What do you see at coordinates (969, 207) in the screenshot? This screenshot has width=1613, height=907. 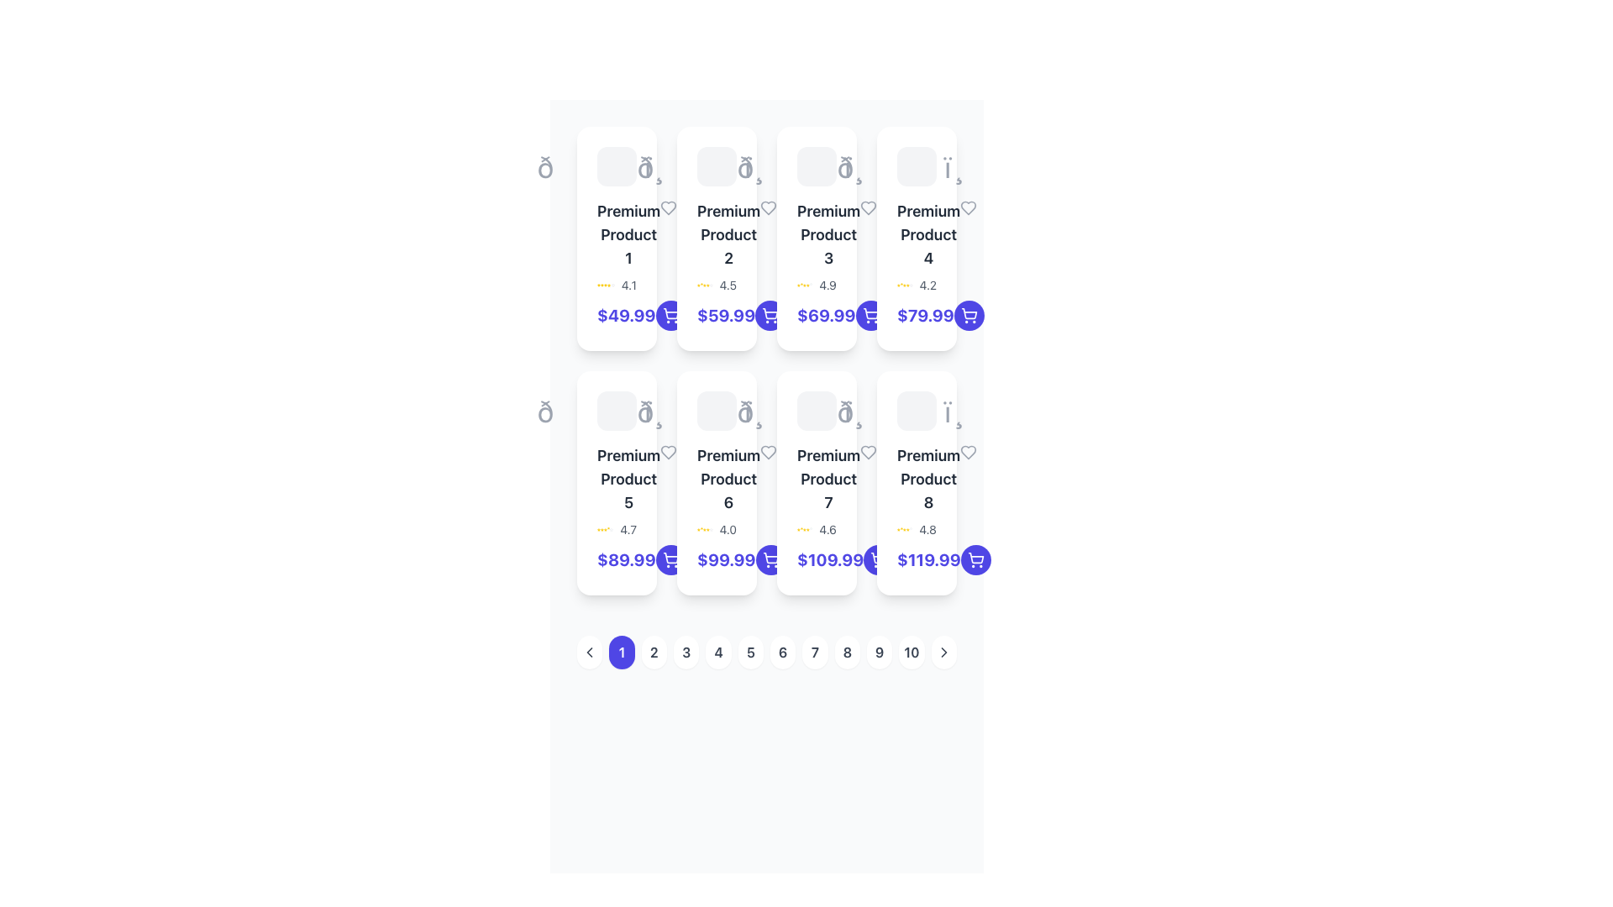 I see `the heart icon button located in the top-right corner of the 'Premium Product 4' card for accessibility navigation` at bounding box center [969, 207].